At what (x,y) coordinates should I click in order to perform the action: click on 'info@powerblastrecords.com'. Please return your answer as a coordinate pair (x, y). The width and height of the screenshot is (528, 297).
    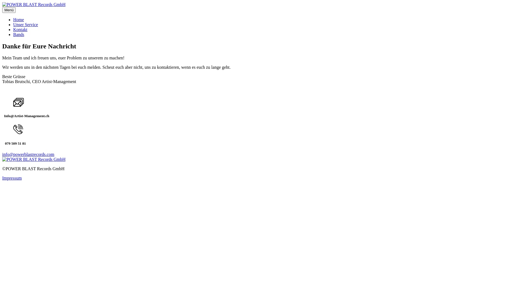
    Looking at the image, I should click on (2, 154).